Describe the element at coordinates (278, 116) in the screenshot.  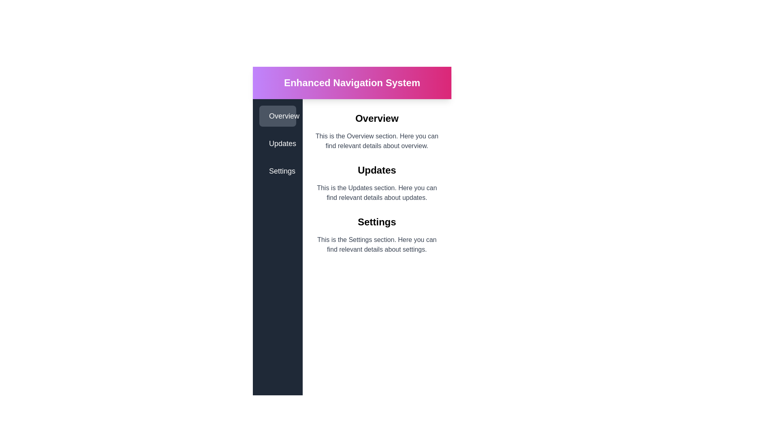
I see `the 'Overview' button, which is styled with a larger font and has a gray background, located in the sidebar navigation` at that location.